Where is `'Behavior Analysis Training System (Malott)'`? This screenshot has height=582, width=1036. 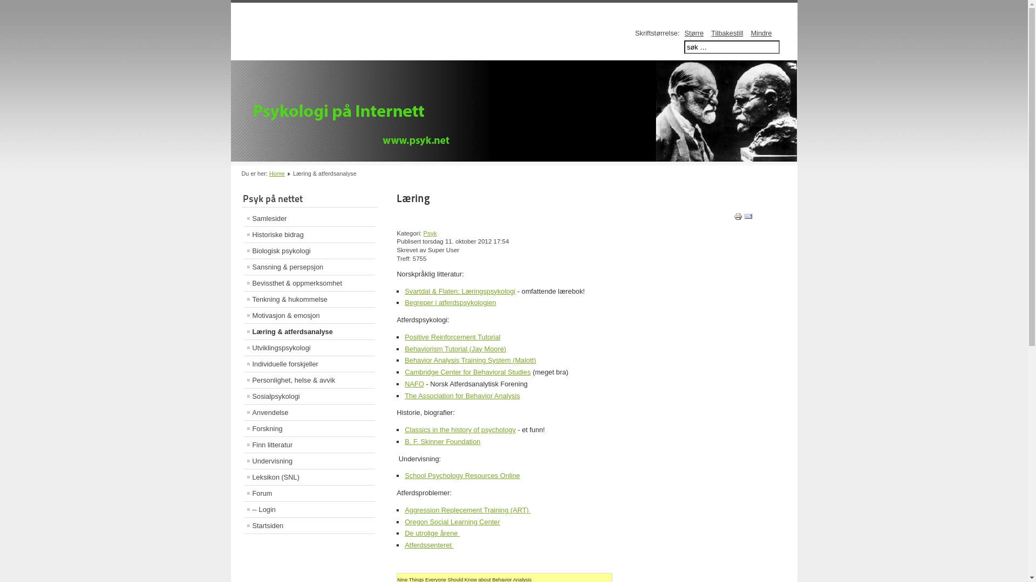
'Behavior Analysis Training System (Malott)' is located at coordinates (470, 360).